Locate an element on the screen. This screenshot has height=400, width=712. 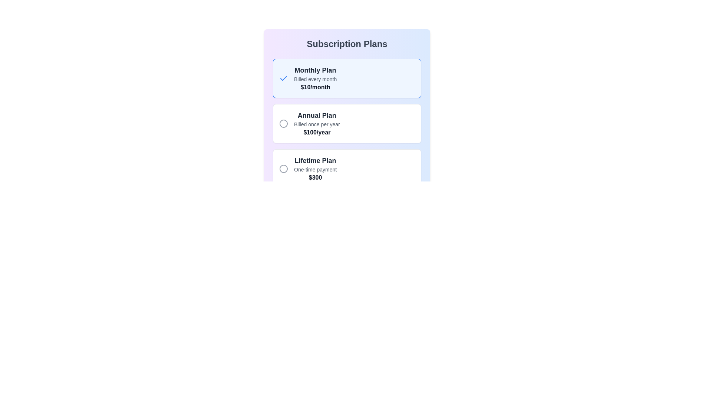
the selectable circle indicator for the 'Annual Plan' subscription option to receive potential visual feedback is located at coordinates (283, 123).